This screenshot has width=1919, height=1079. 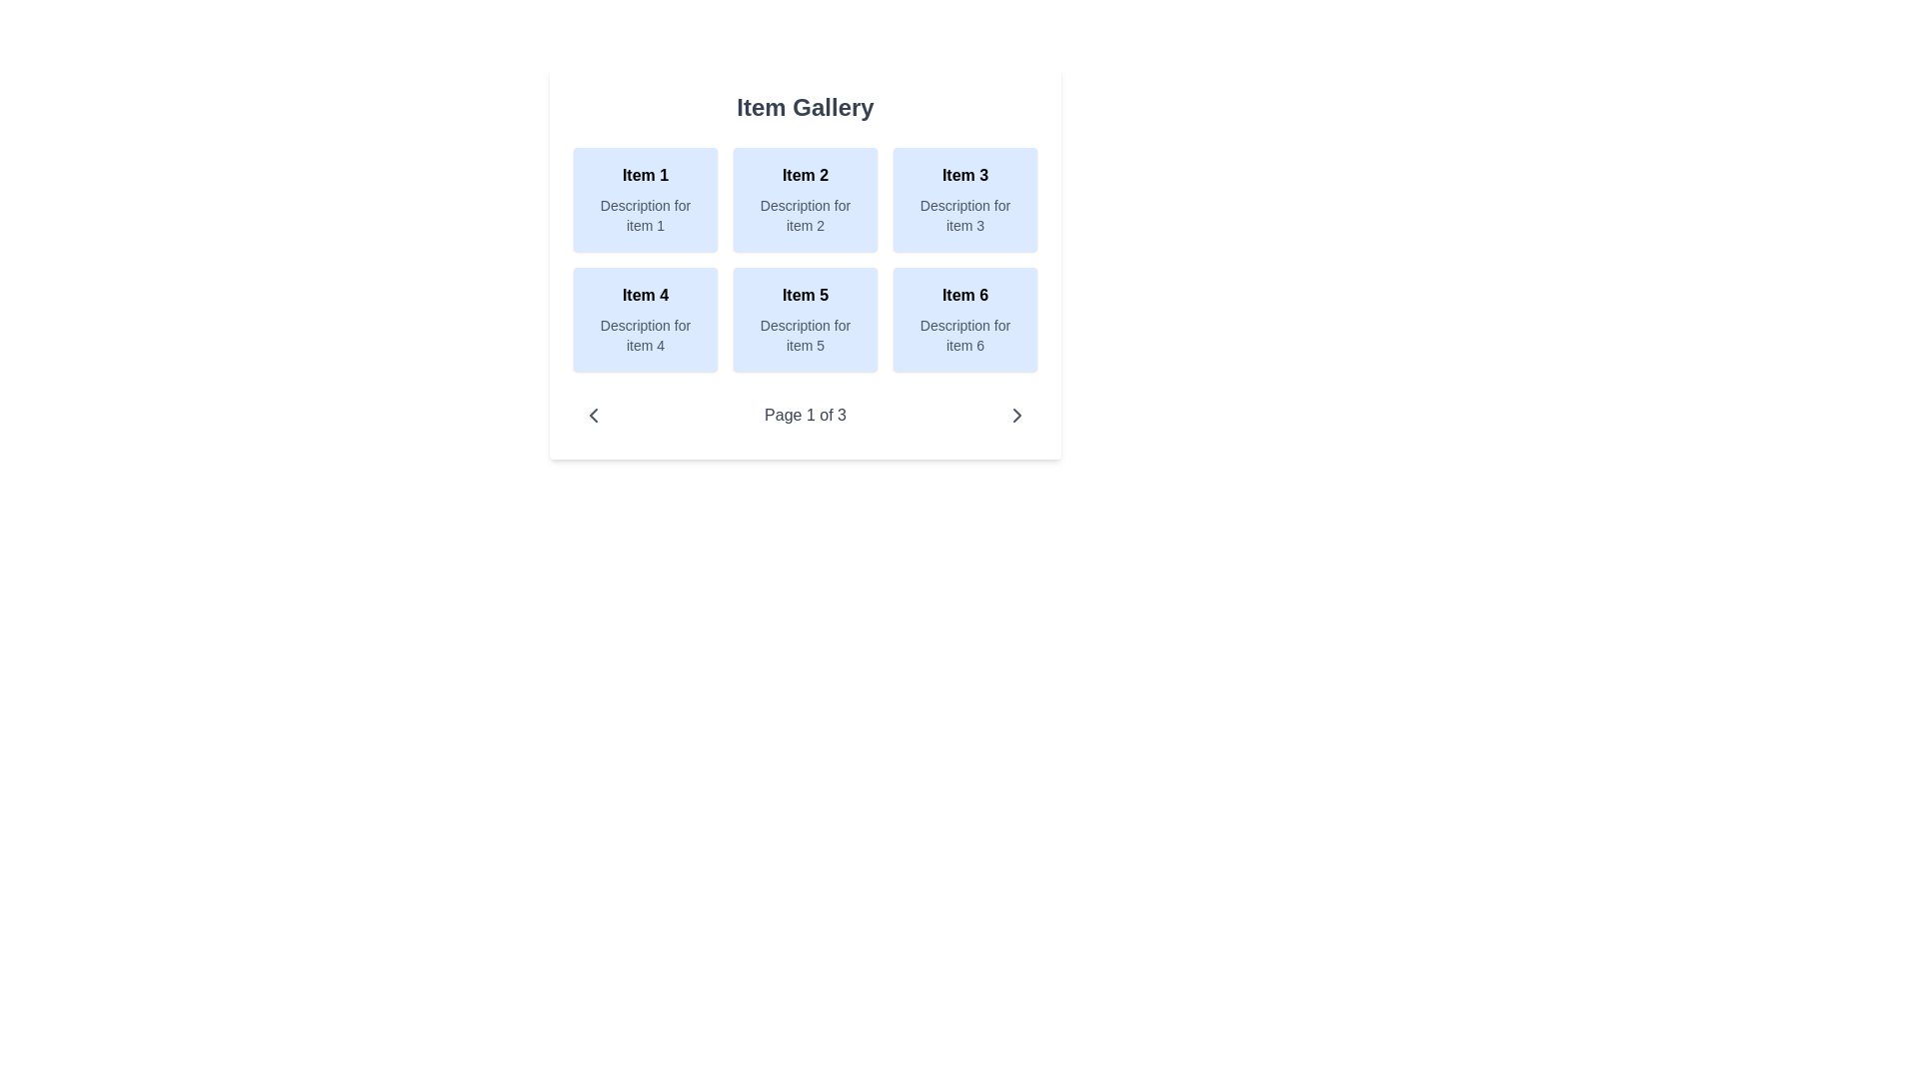 I want to click on the informational block item located in the first position of the grid layout, which is in the upper-left corner of the grid, so click(x=646, y=200).